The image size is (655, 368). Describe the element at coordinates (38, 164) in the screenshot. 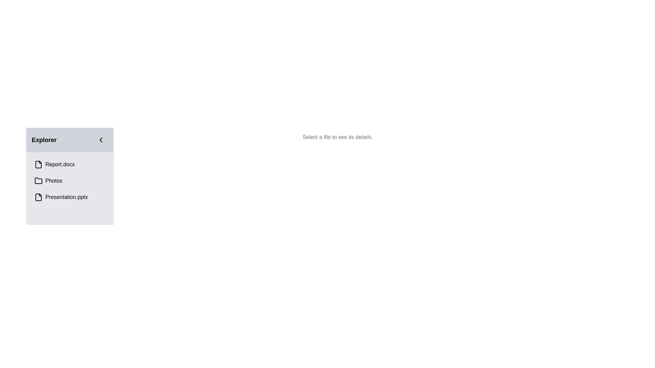

I see `the icon representing the 'Report.docx' file entry located in the topmost item of the list under the 'Explorer' title in the left sidebar of the interface` at that location.